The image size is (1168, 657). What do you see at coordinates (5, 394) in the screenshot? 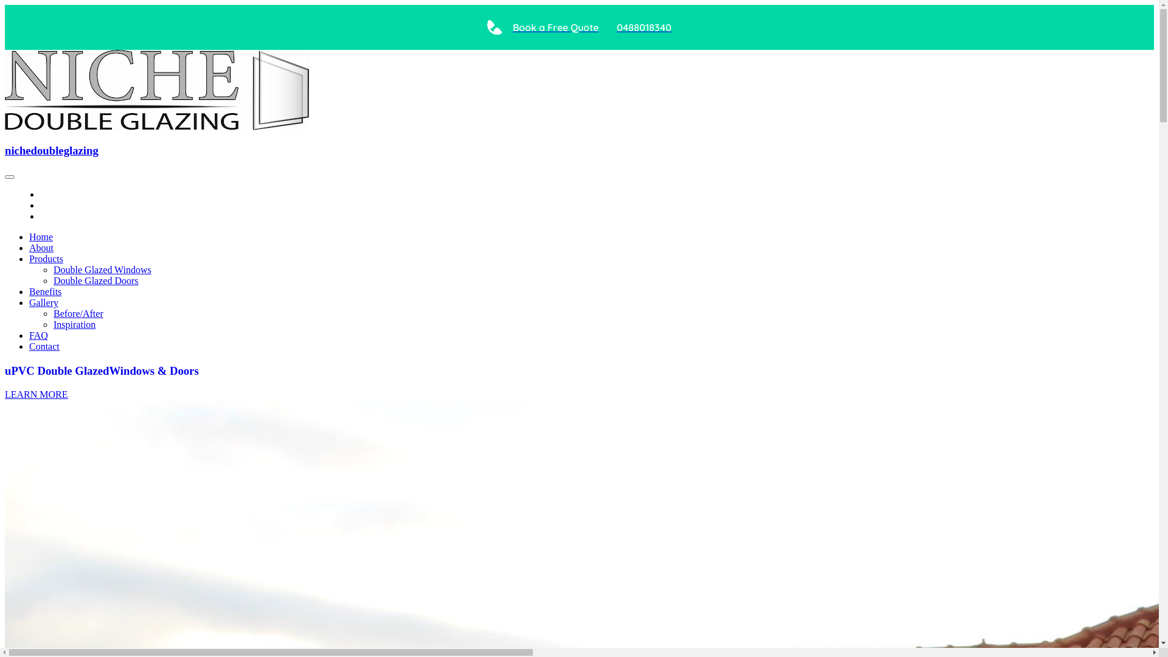
I see `'LEARN MORE'` at bounding box center [5, 394].